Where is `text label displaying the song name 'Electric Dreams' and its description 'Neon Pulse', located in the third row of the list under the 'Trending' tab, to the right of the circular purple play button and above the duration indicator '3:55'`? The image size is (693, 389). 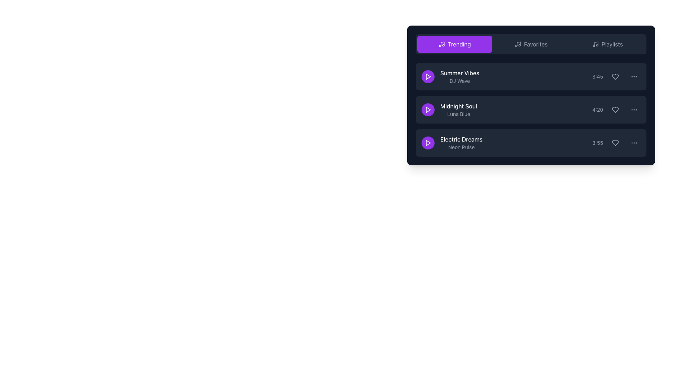 text label displaying the song name 'Electric Dreams' and its description 'Neon Pulse', located in the third row of the list under the 'Trending' tab, to the right of the circular purple play button and above the duration indicator '3:55' is located at coordinates (461, 143).